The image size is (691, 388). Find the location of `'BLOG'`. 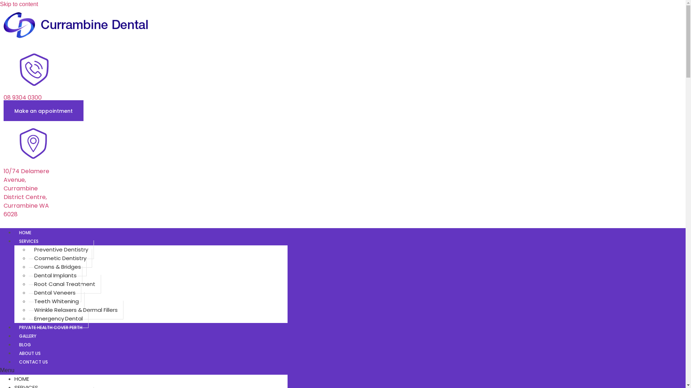

'BLOG' is located at coordinates (25, 343).